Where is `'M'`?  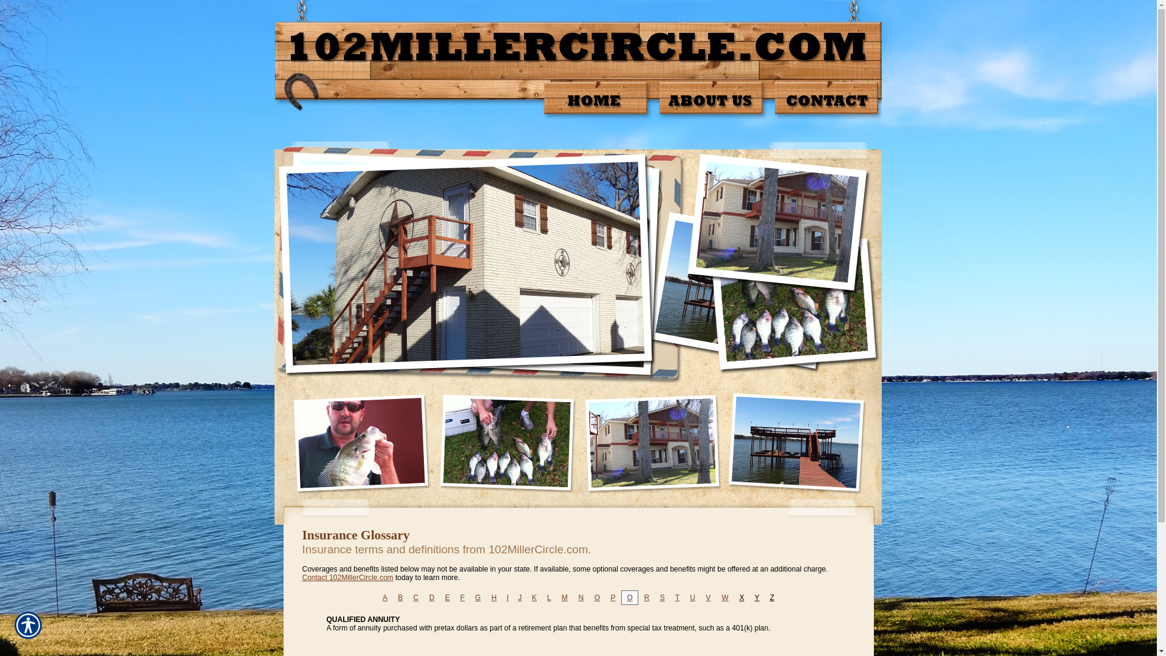 'M' is located at coordinates (564, 596).